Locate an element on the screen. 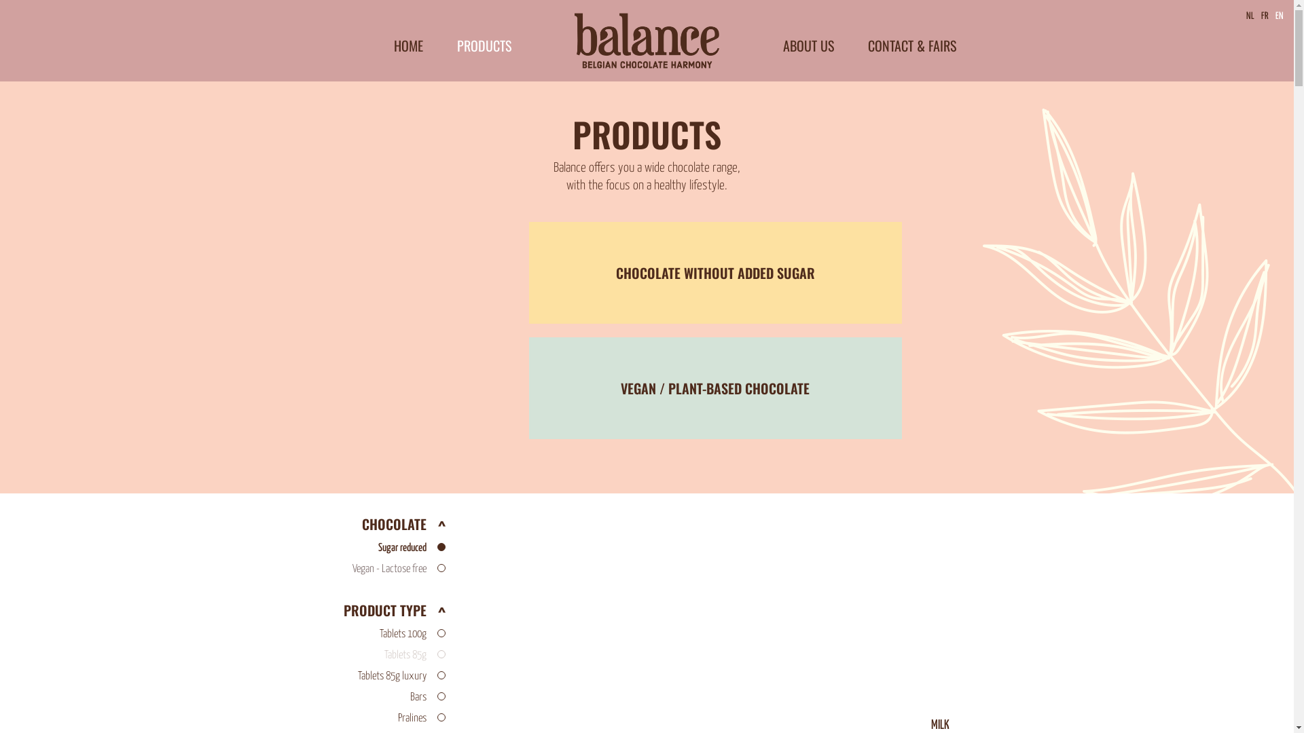  'ABOUT US' is located at coordinates (782, 44).